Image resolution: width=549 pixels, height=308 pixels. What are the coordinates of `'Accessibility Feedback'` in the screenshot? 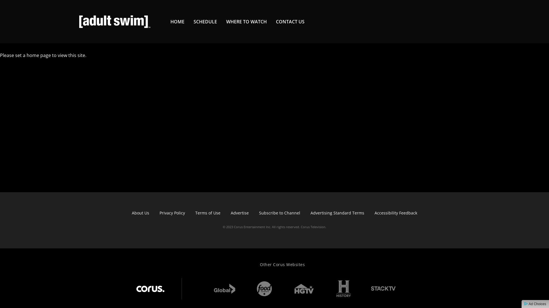 It's located at (395, 212).